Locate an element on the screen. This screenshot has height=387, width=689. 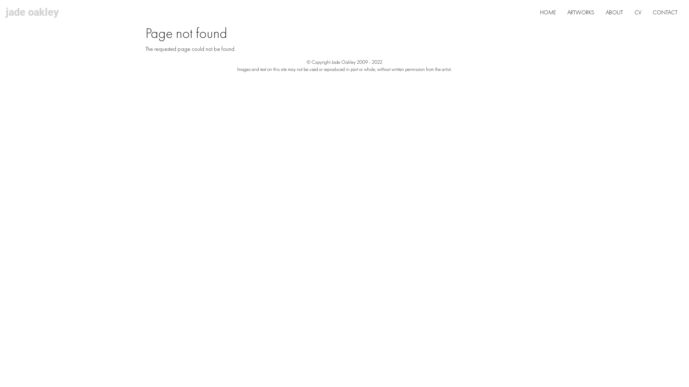
'jade oakley' is located at coordinates (32, 12).